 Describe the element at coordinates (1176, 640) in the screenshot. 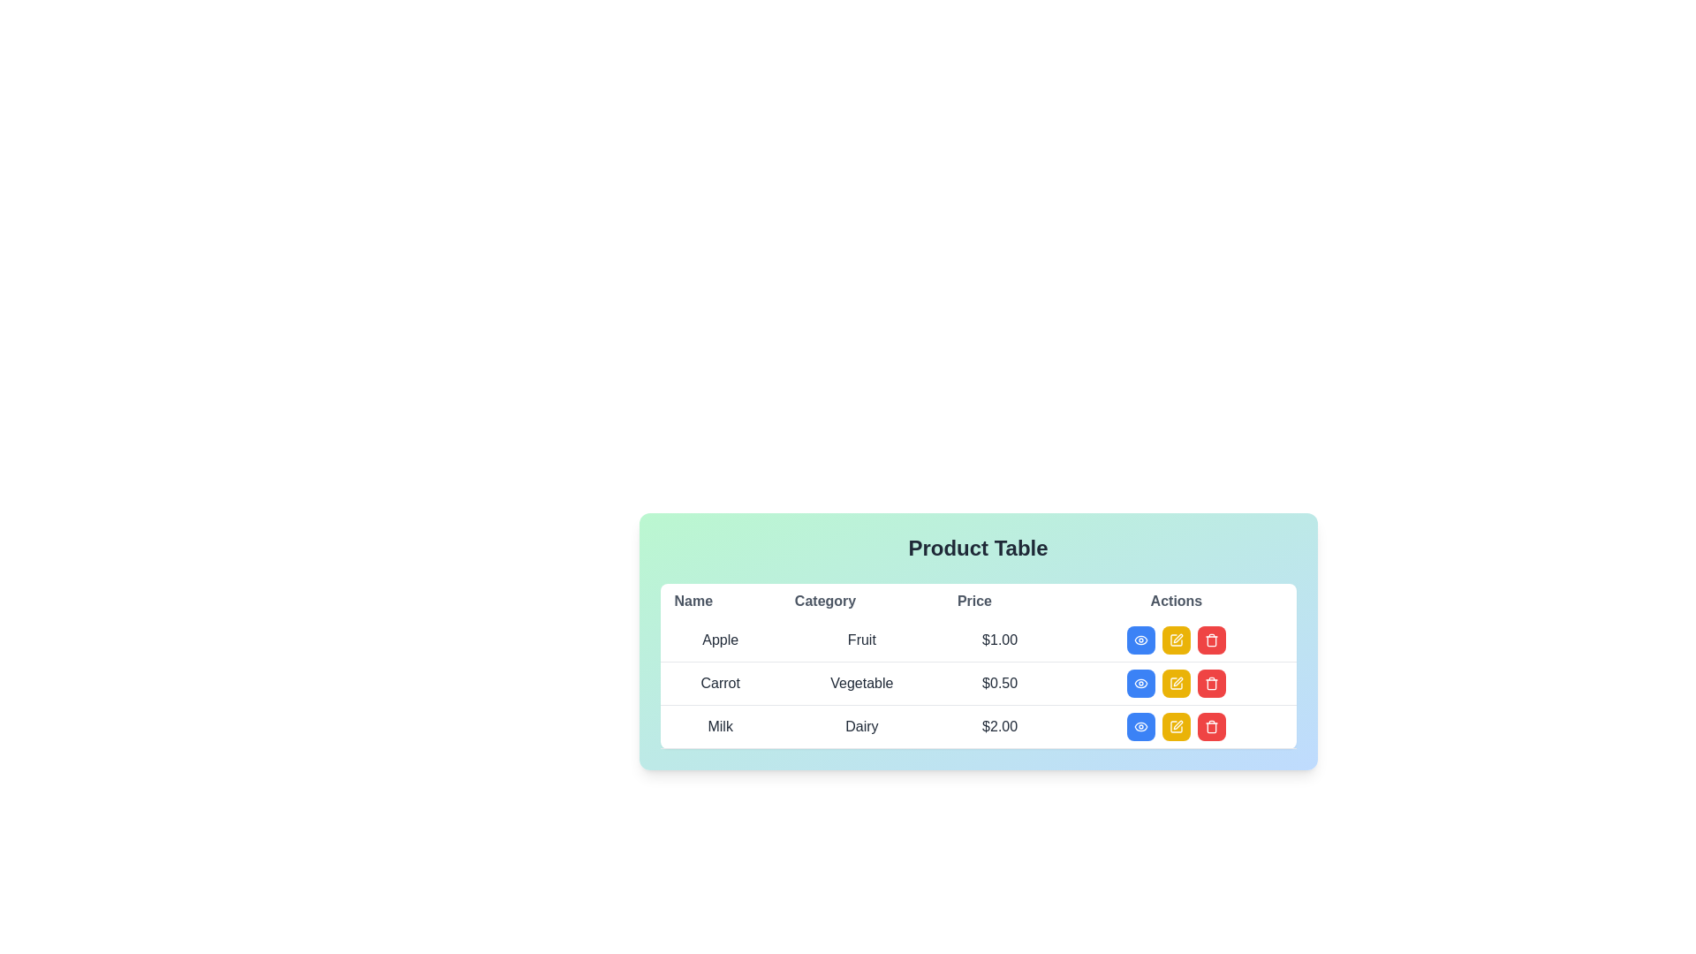

I see `the 'Edit' button (yellow with editing symbol) in the 'Actions' column for the 'Carrot' product entry to initiate the edit action` at that location.